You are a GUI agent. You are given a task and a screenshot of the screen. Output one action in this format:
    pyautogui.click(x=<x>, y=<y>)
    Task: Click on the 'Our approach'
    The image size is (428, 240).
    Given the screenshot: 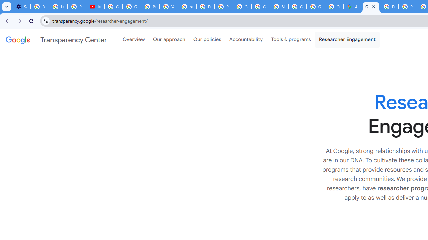 What is the action you would take?
    pyautogui.click(x=169, y=40)
    